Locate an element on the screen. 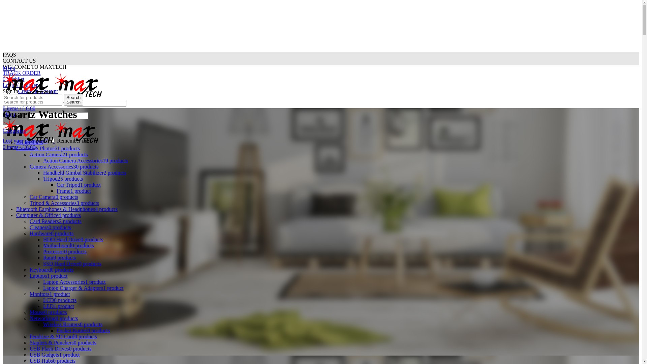  'Laptops1 product' is located at coordinates (48, 276).